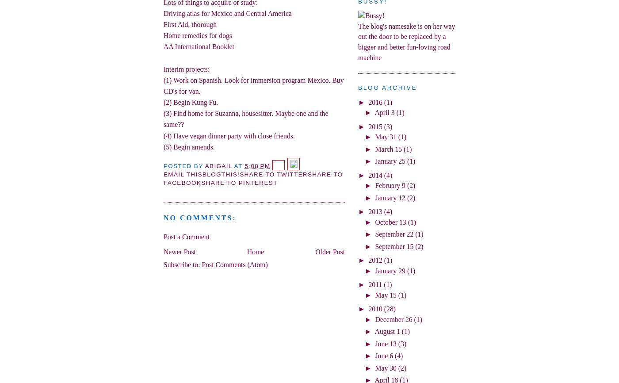 This screenshot has height=383, width=619. Describe the element at coordinates (374, 270) in the screenshot. I see `'January 29'` at that location.